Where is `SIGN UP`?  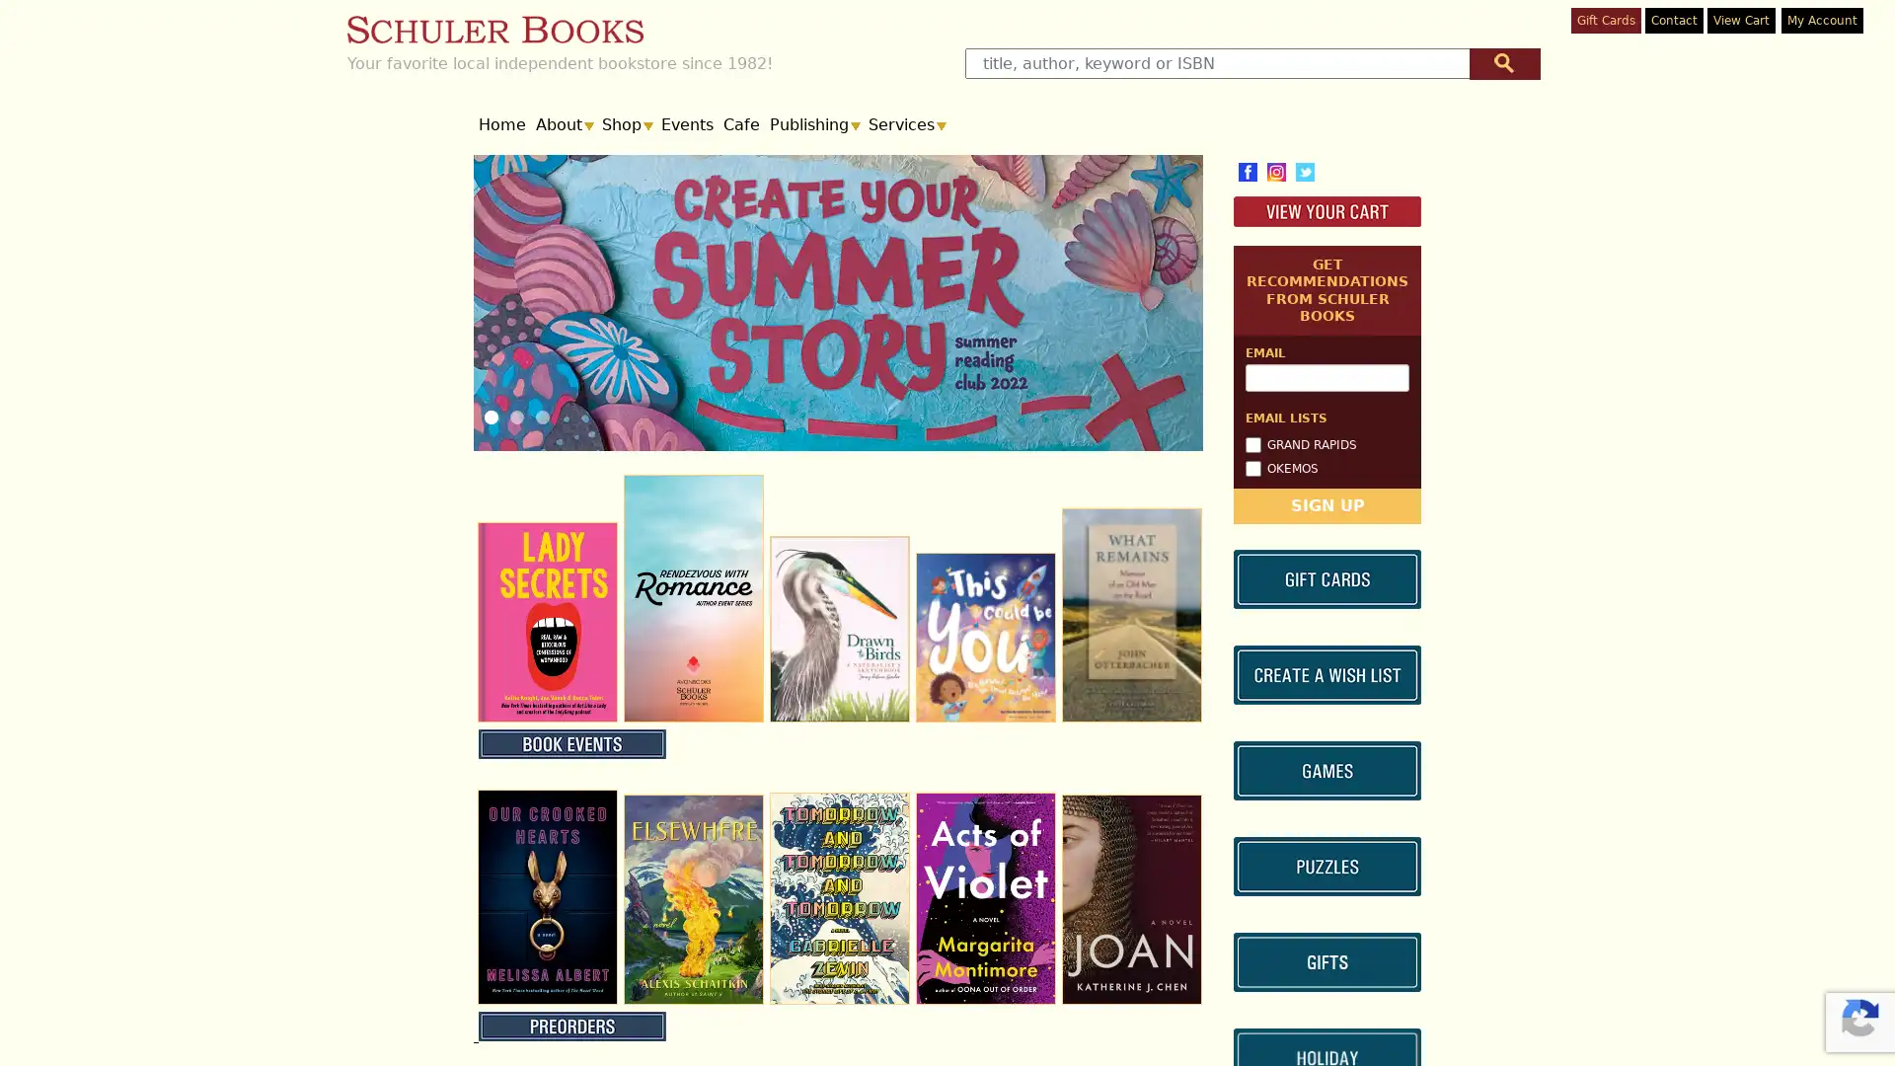 SIGN UP is located at coordinates (1326, 673).